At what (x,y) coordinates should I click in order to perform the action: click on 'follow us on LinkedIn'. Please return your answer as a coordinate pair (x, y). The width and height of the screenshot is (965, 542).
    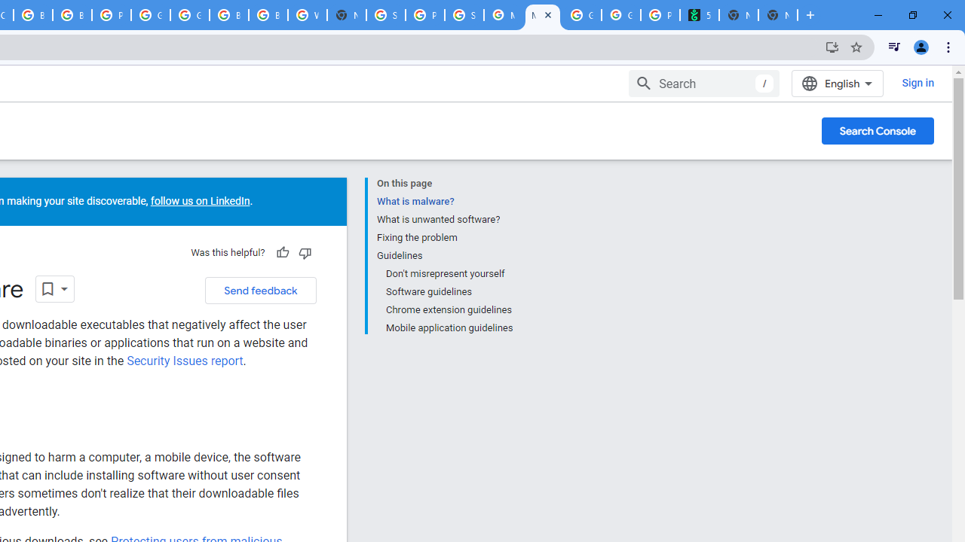
    Looking at the image, I should click on (198, 200).